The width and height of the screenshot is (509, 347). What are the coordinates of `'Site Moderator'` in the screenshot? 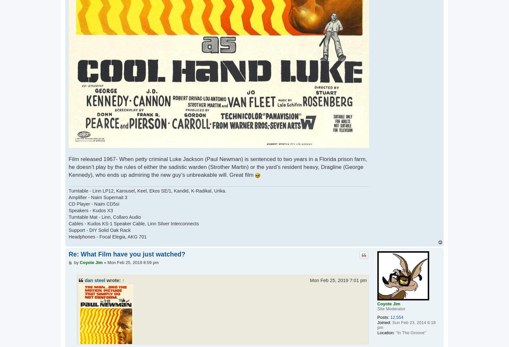 It's located at (377, 309).